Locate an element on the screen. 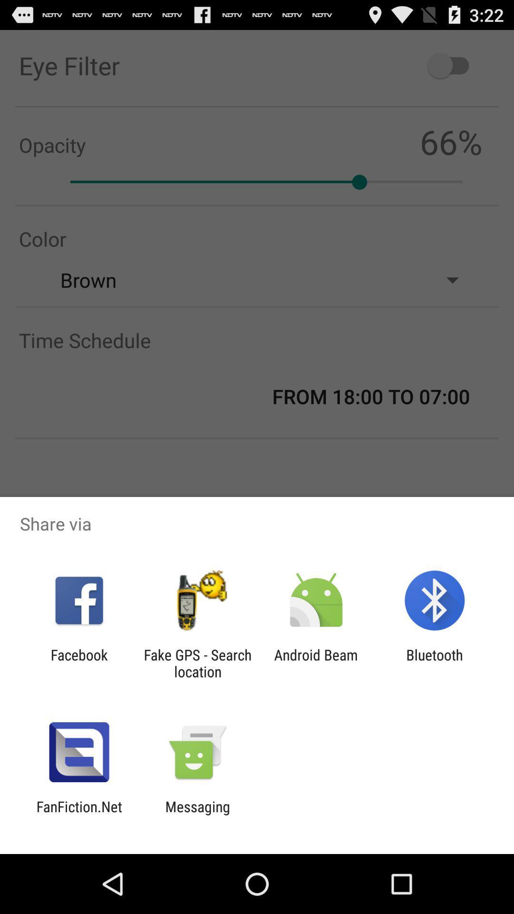 The width and height of the screenshot is (514, 914). the messaging is located at coordinates (197, 815).